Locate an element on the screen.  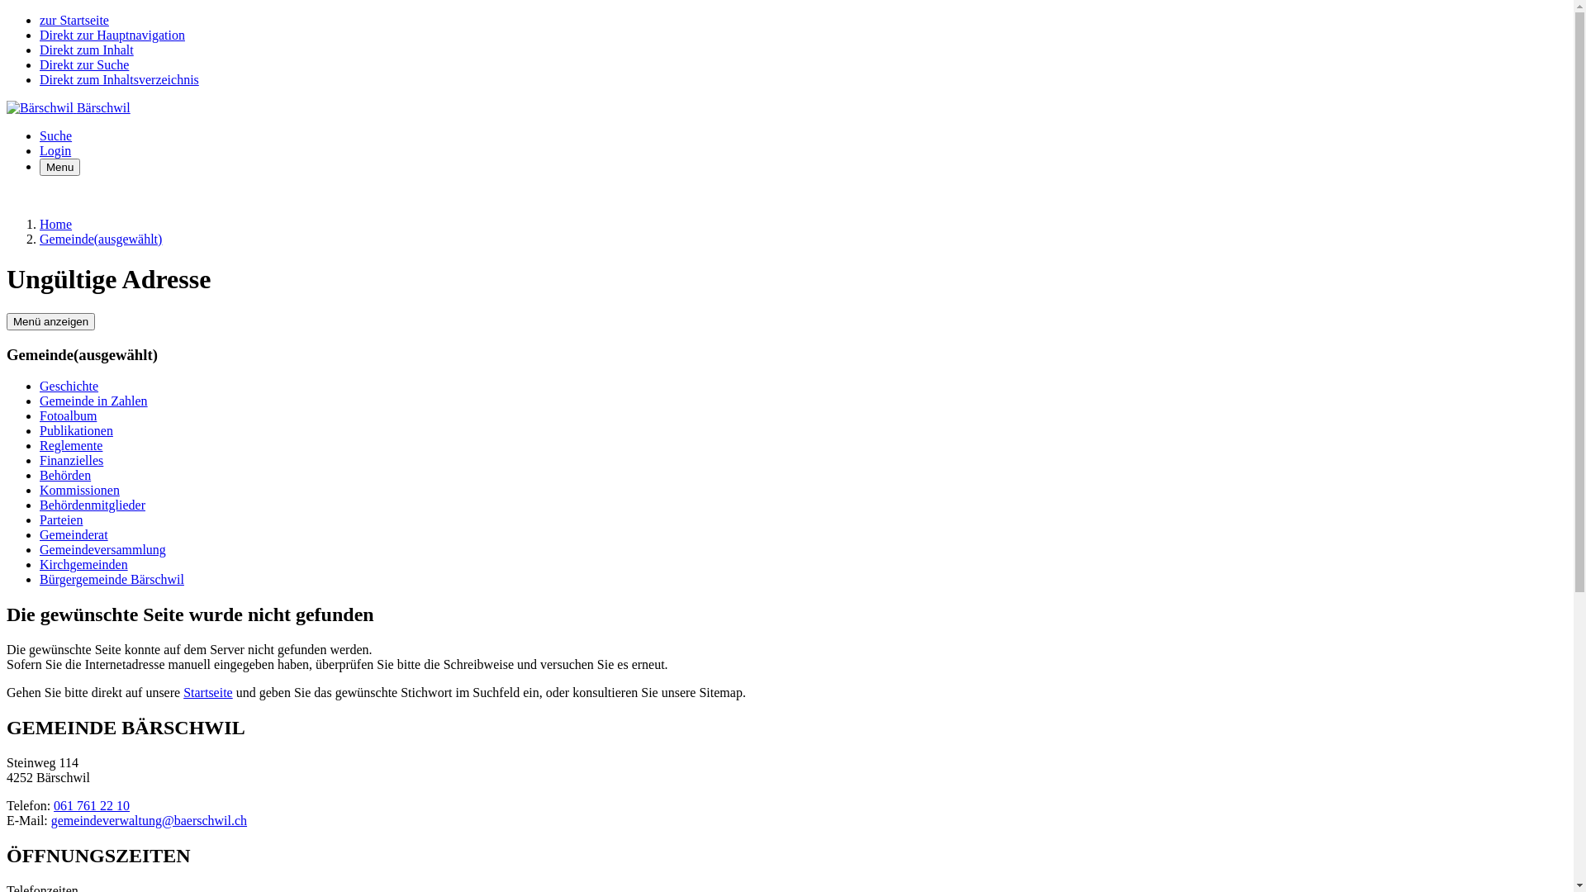
'Geschichte' is located at coordinates (68, 386).